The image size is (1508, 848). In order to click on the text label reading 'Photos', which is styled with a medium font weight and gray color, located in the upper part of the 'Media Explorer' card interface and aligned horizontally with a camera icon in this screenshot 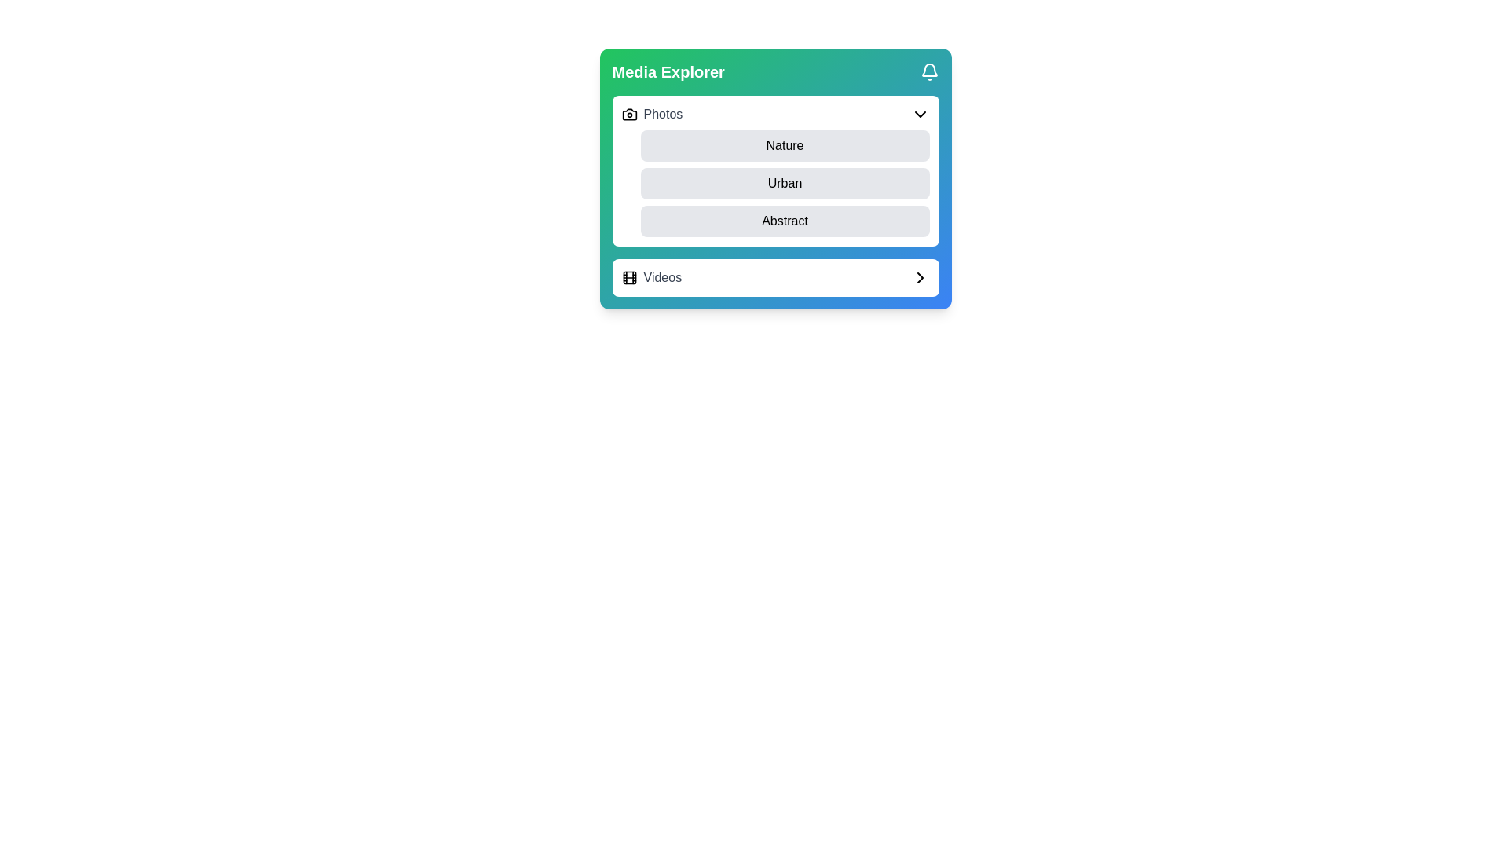, I will do `click(663, 114)`.